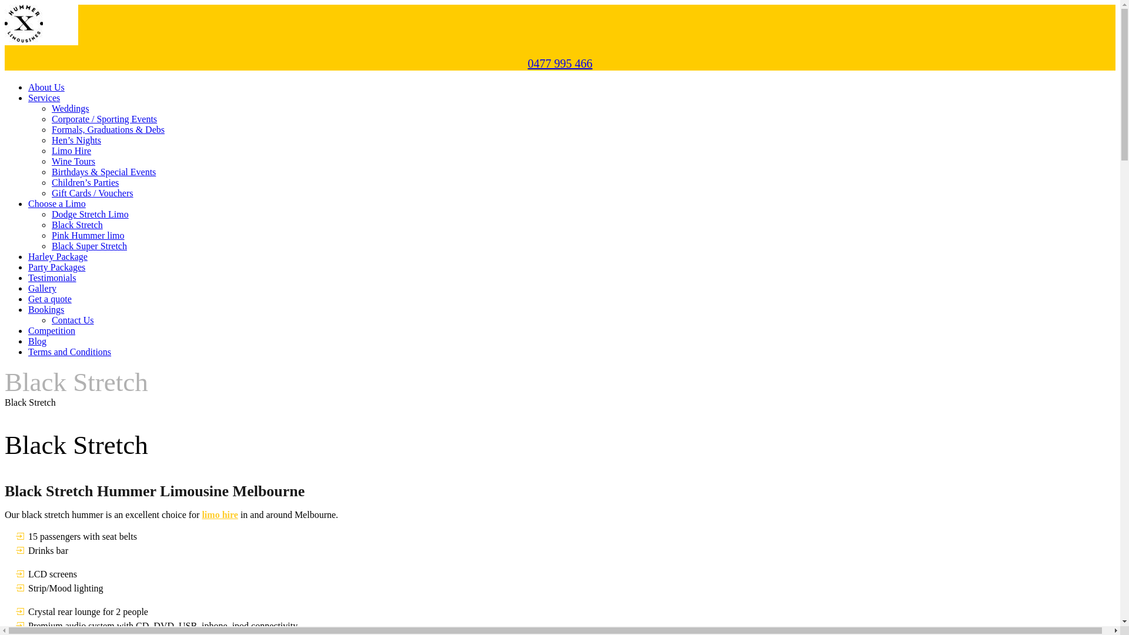  Describe the element at coordinates (103, 172) in the screenshot. I see `'Birthdays & Special Events'` at that location.